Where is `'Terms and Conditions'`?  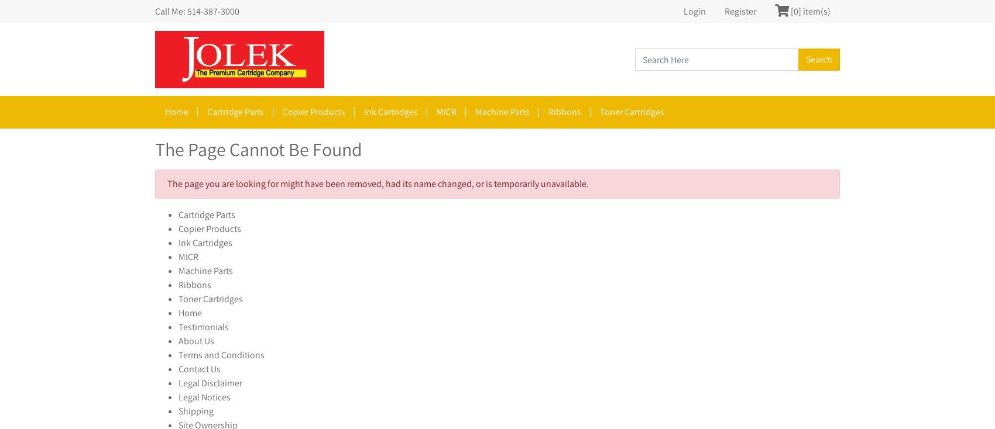 'Terms and Conditions' is located at coordinates (221, 355).